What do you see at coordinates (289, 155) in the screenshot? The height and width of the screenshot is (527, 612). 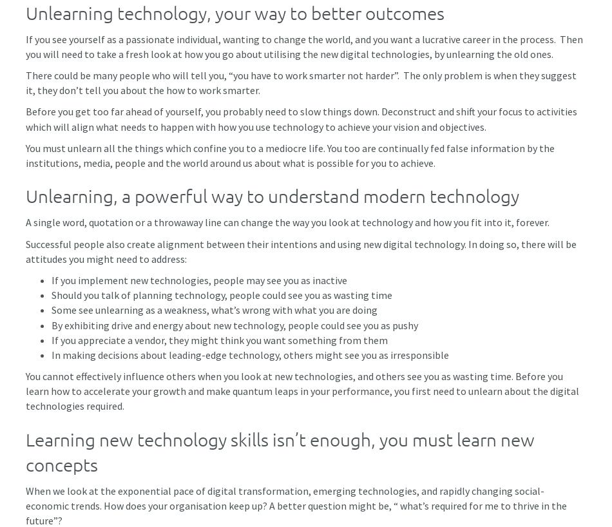 I see `'You must unlearn all the things which confine you to a mediocre life. You too are continually fed false information by the institutions, media, people and the world around us about what is possible for you to achieve.'` at bounding box center [289, 155].